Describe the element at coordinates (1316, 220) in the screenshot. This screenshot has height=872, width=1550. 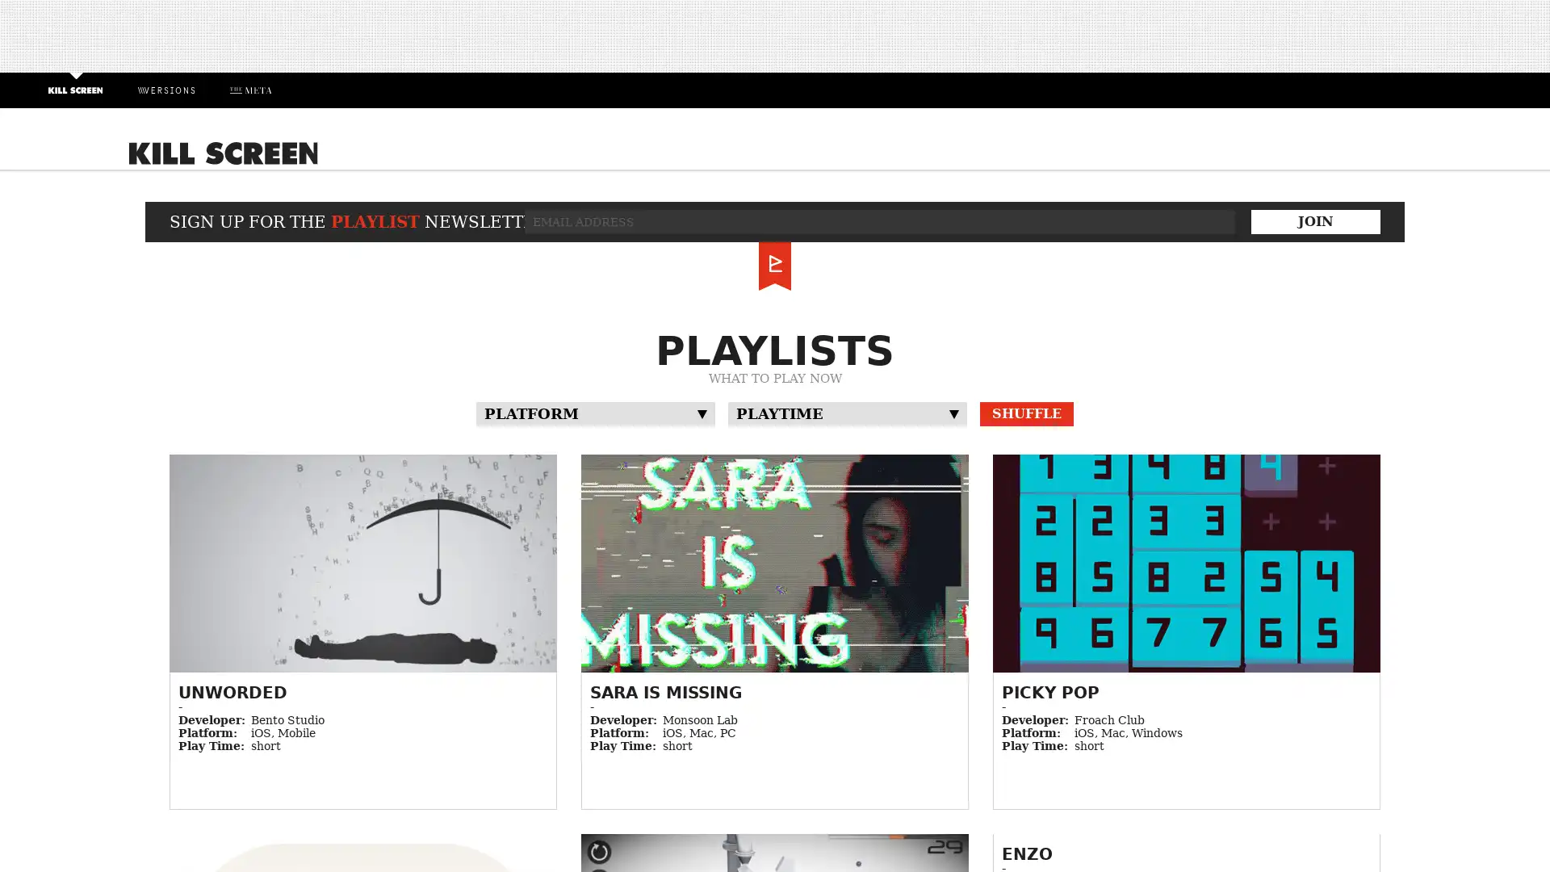
I see `JOIN` at that location.